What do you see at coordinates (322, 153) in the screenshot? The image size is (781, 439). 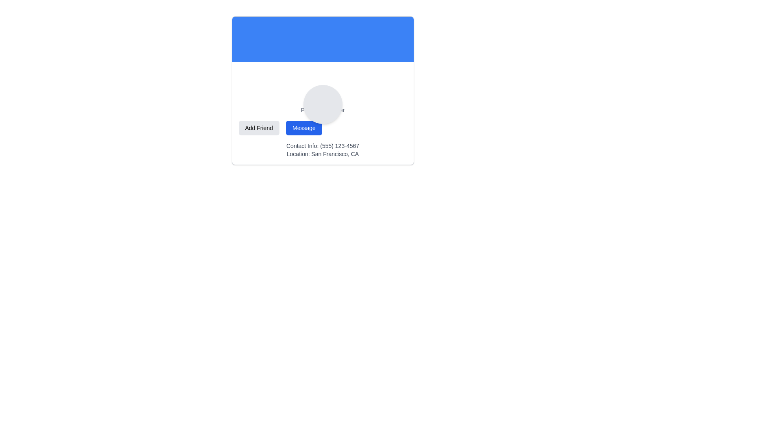 I see `the static text display presenting contact details located at the bottom of the card, below the 'Add Friend' and 'Message' buttons` at bounding box center [322, 153].